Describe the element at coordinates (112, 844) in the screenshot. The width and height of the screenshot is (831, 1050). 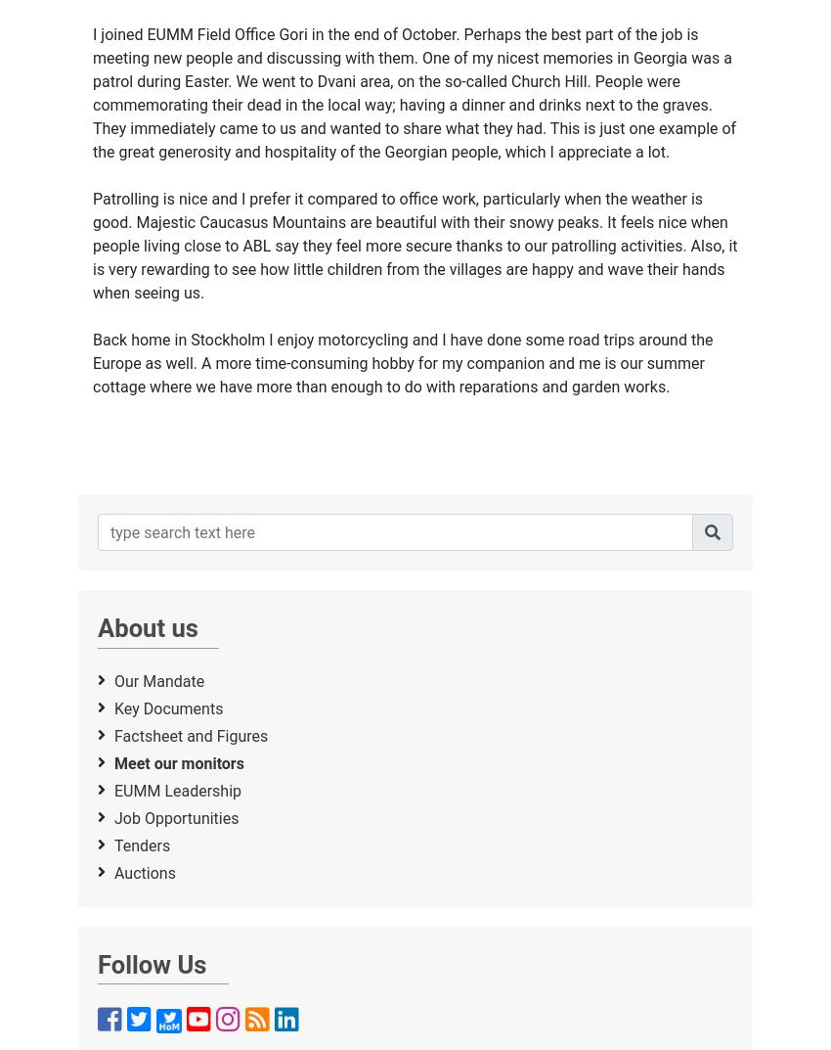
I see `'Tenders'` at that location.